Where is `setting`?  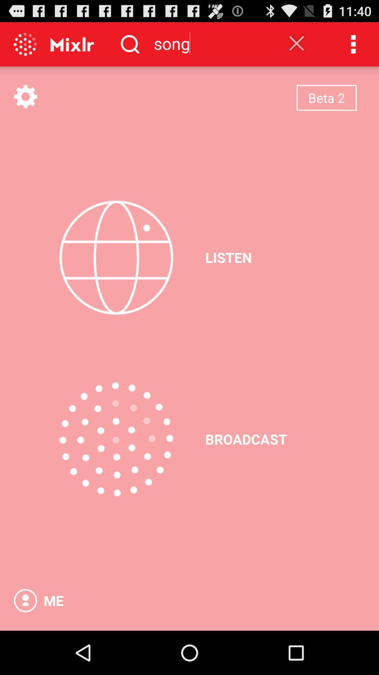
setting is located at coordinates (25, 96).